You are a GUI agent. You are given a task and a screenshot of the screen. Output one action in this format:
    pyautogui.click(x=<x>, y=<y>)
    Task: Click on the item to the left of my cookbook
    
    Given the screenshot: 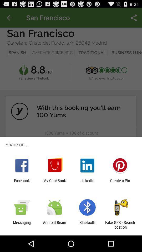 What is the action you would take?
    pyautogui.click(x=22, y=183)
    